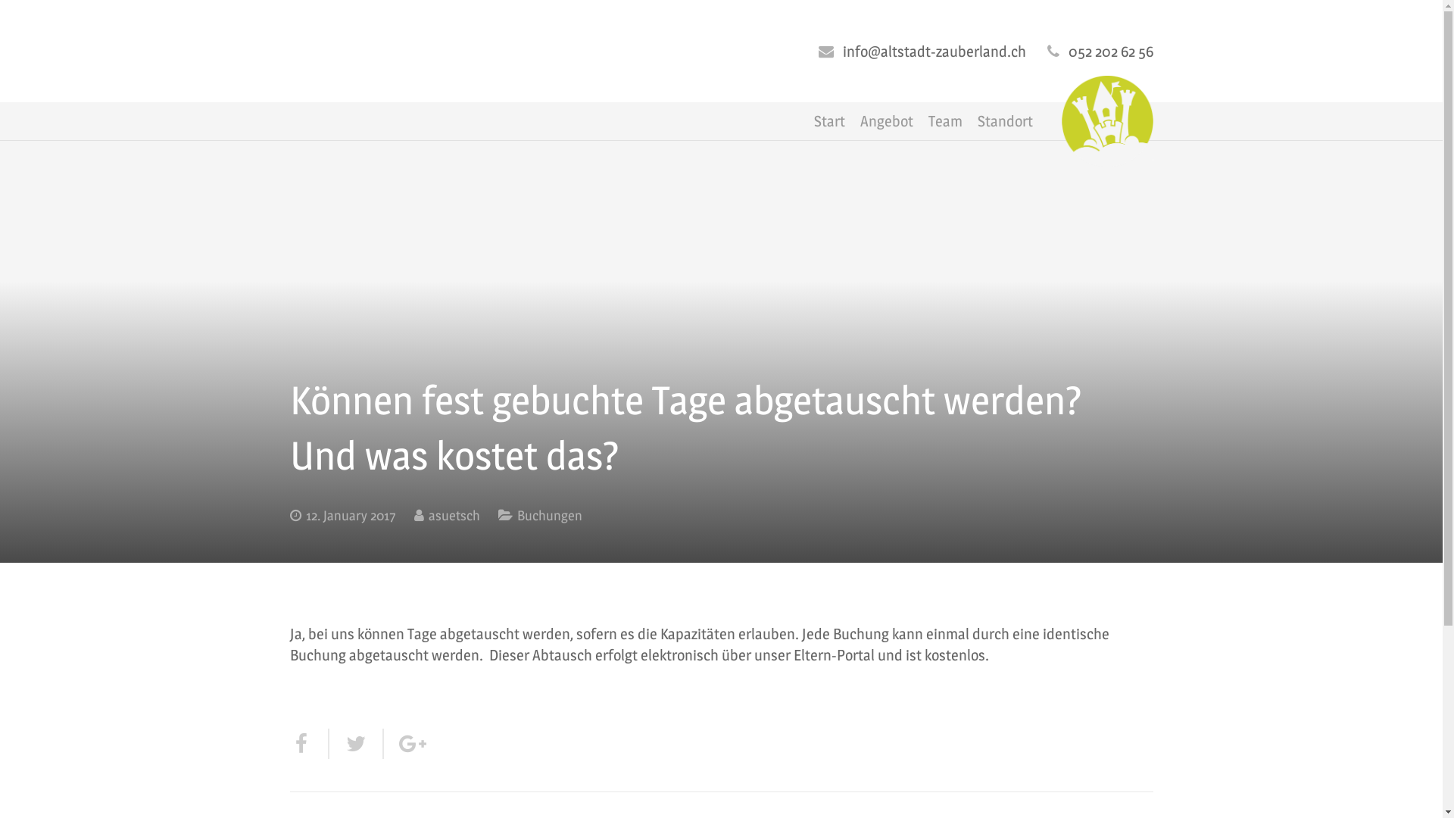 The height and width of the screenshot is (818, 1454). What do you see at coordinates (887, 120) in the screenshot?
I see `'Angebot'` at bounding box center [887, 120].